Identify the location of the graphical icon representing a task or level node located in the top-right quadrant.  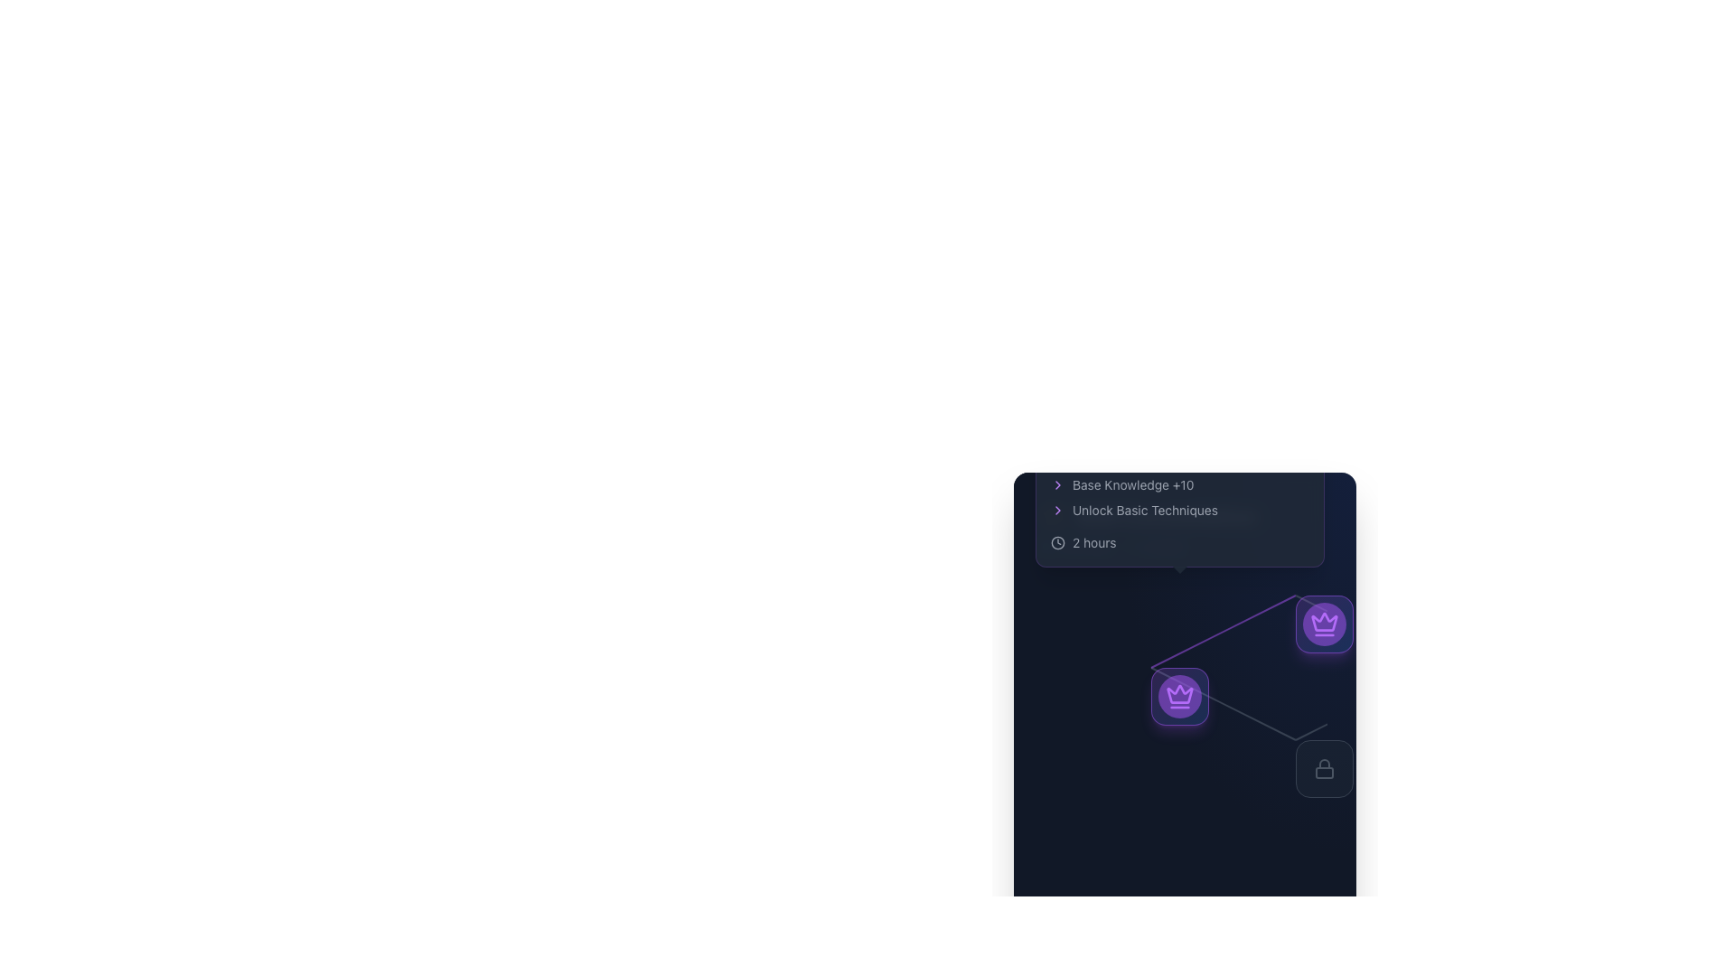
(1324, 623).